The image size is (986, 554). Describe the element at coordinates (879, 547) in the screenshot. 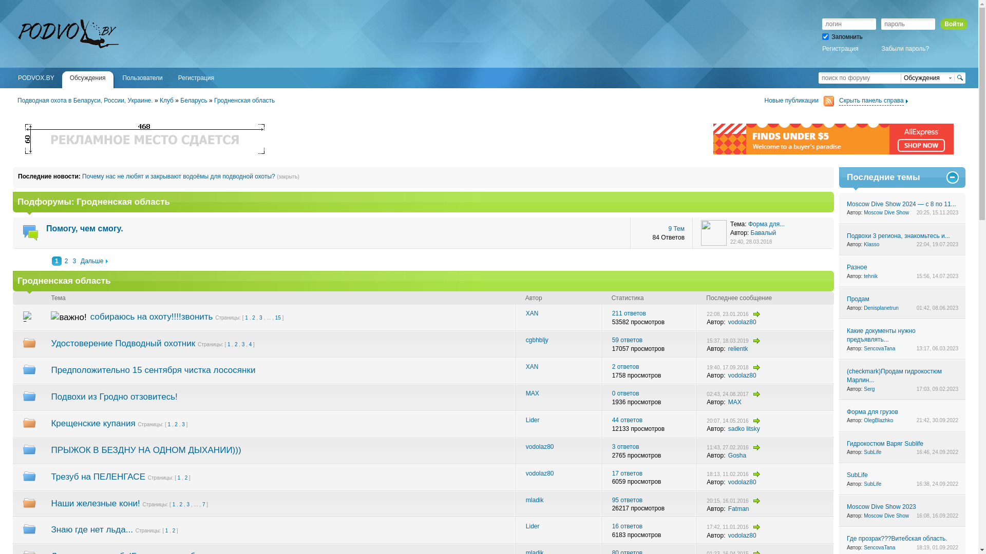

I see `'SencovaTana'` at that location.